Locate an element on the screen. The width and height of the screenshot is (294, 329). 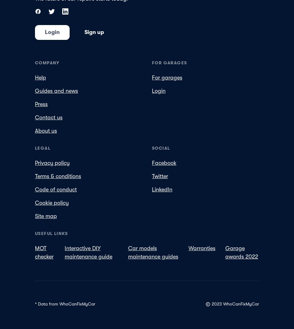
'Warranties' is located at coordinates (201, 248).